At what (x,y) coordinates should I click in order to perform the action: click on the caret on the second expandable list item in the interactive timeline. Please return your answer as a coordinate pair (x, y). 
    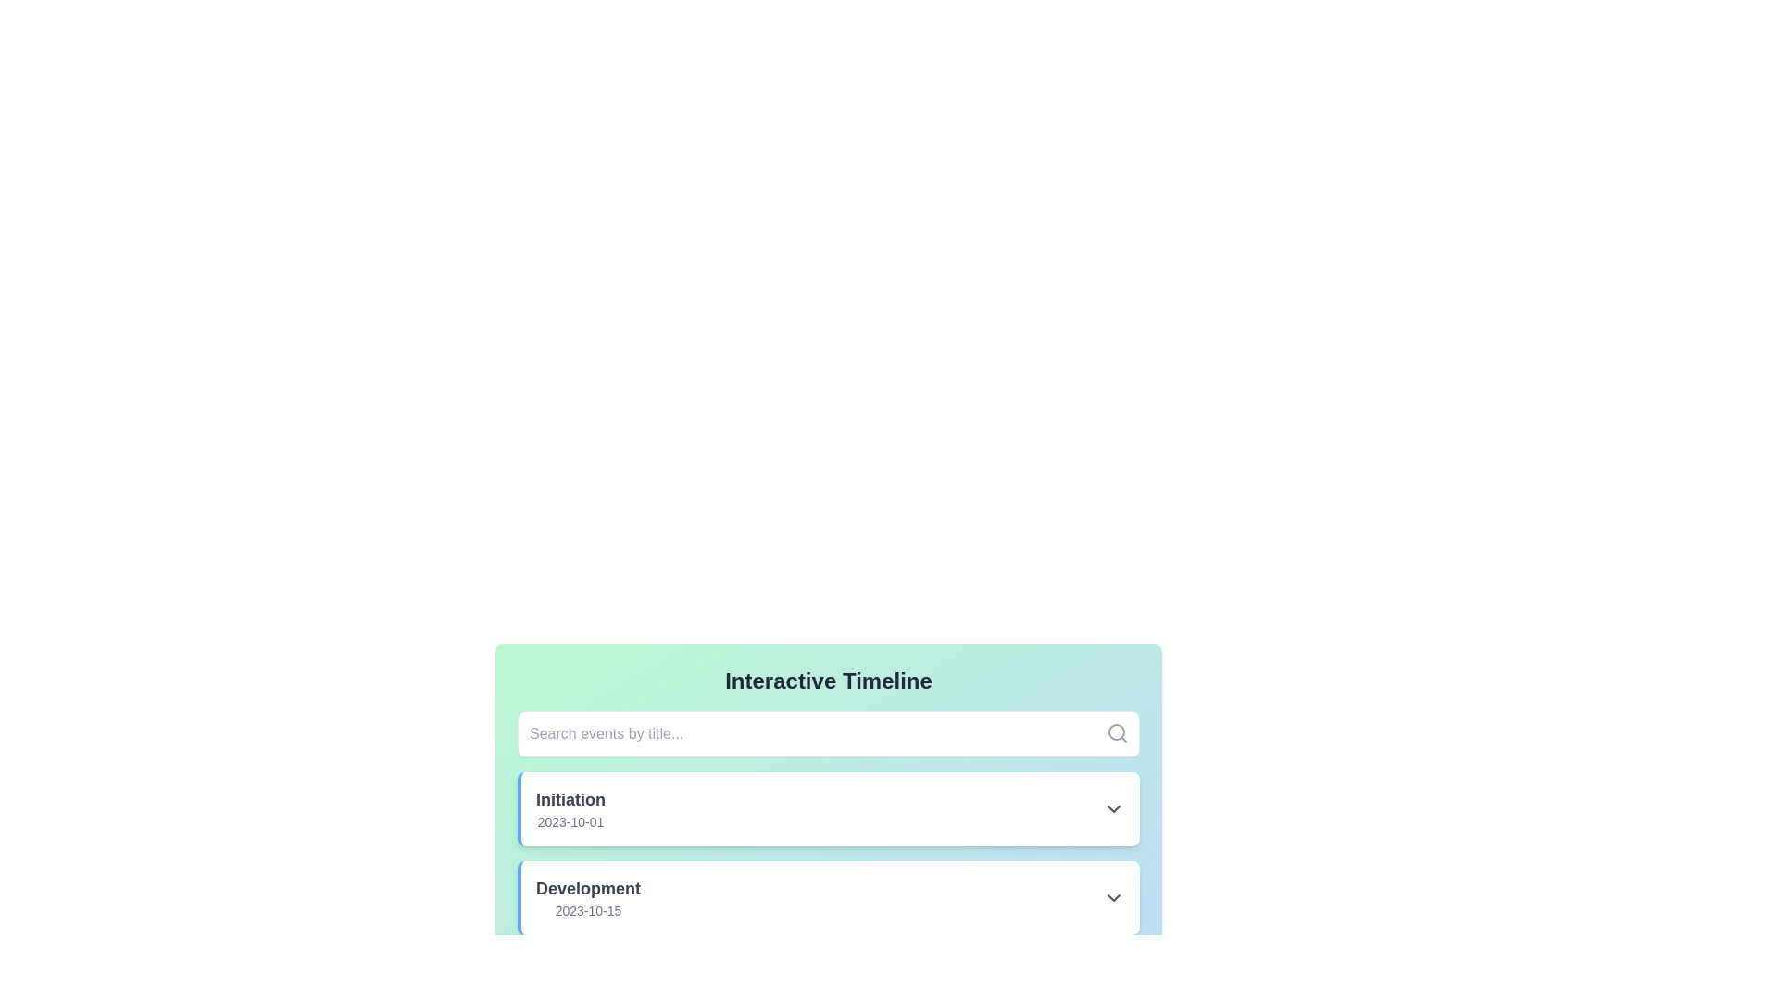
    Looking at the image, I should click on (830, 896).